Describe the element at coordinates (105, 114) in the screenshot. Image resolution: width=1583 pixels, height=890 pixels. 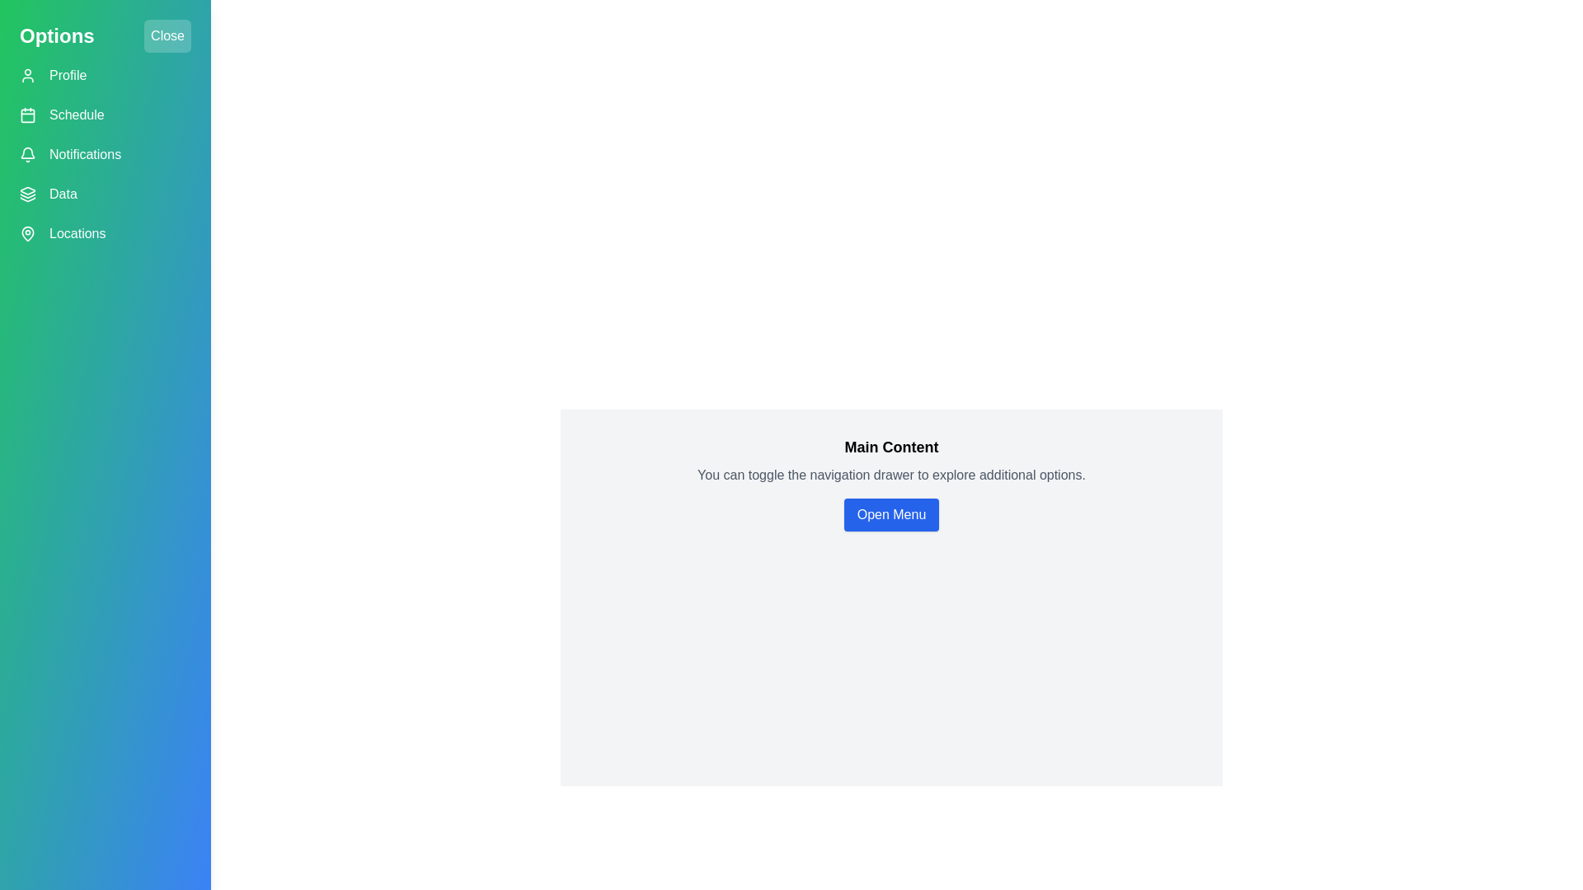
I see `the Schedule button in the navigation menu` at that location.